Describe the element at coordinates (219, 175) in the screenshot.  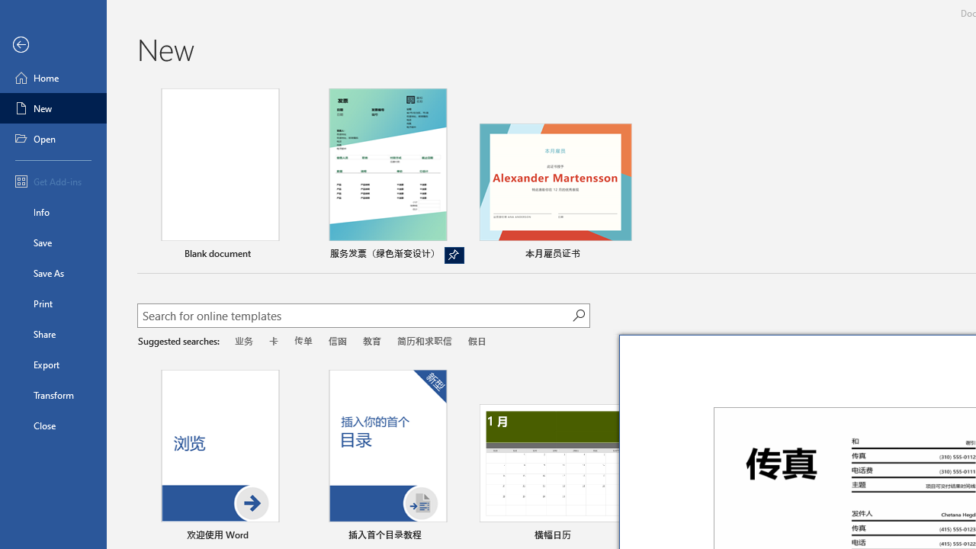
I see `'Blank document'` at that location.